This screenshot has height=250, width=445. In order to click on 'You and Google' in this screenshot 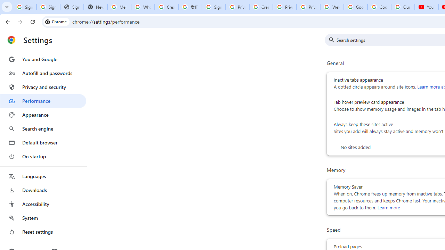, I will do `click(43, 59)`.